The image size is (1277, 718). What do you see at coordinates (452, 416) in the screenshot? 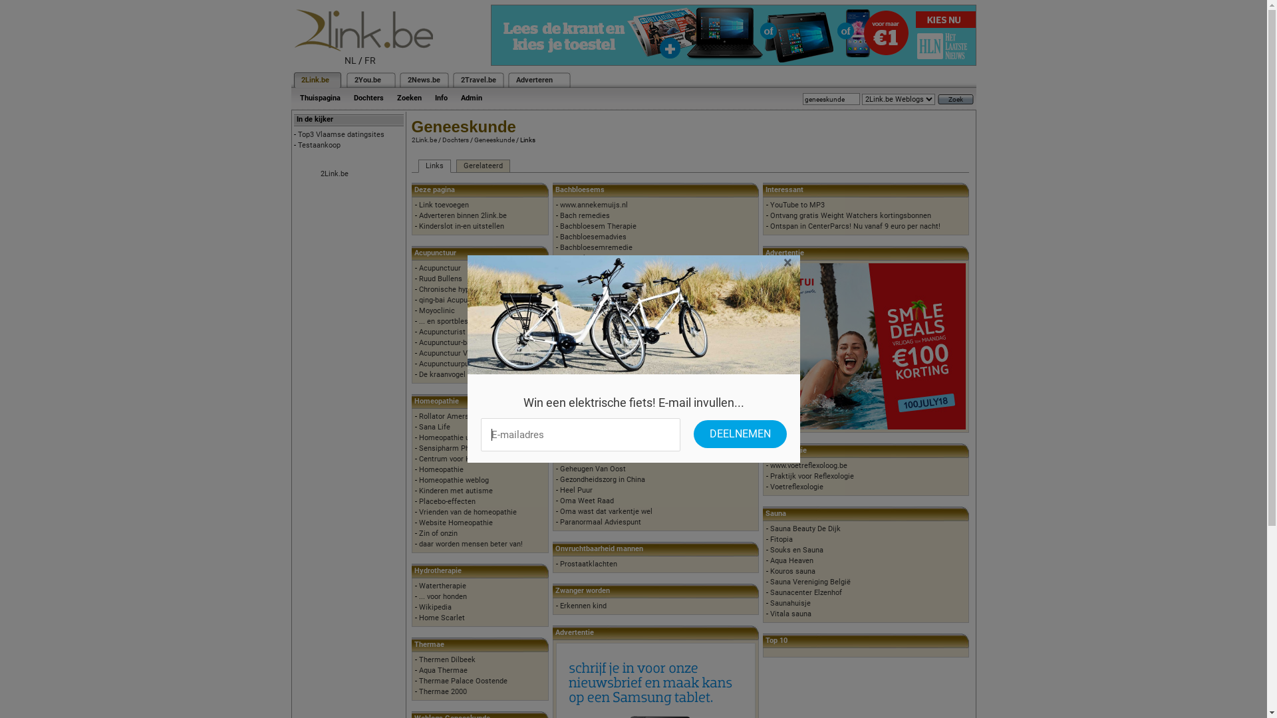
I see `'Rollator Amersfoort'` at bounding box center [452, 416].